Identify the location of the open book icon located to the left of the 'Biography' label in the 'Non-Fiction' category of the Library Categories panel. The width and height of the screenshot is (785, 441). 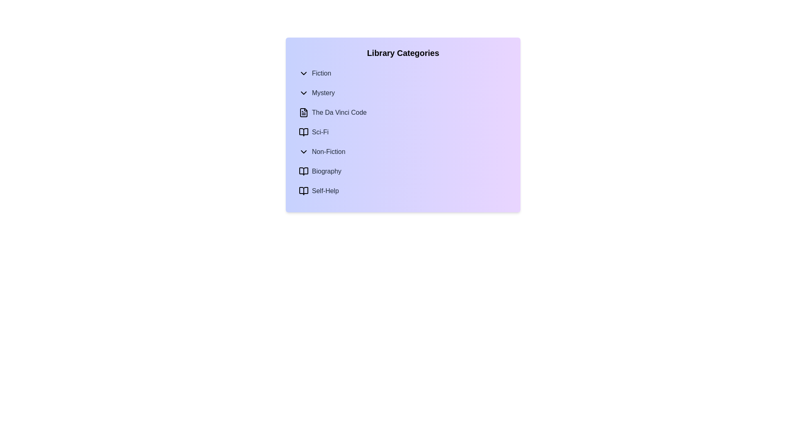
(303, 171).